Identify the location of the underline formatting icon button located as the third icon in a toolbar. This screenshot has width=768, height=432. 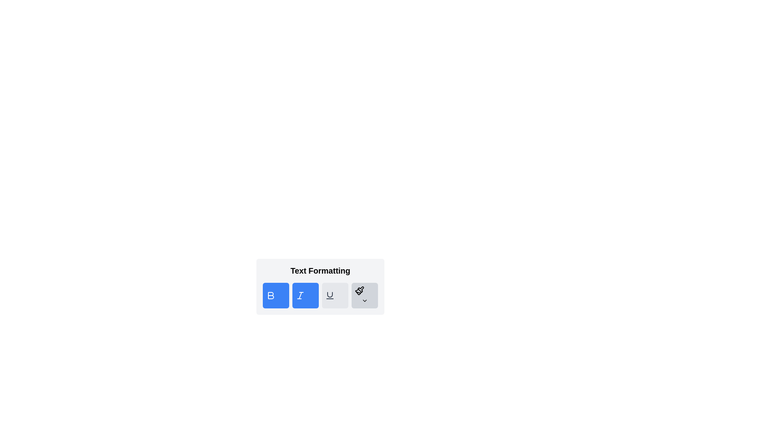
(330, 296).